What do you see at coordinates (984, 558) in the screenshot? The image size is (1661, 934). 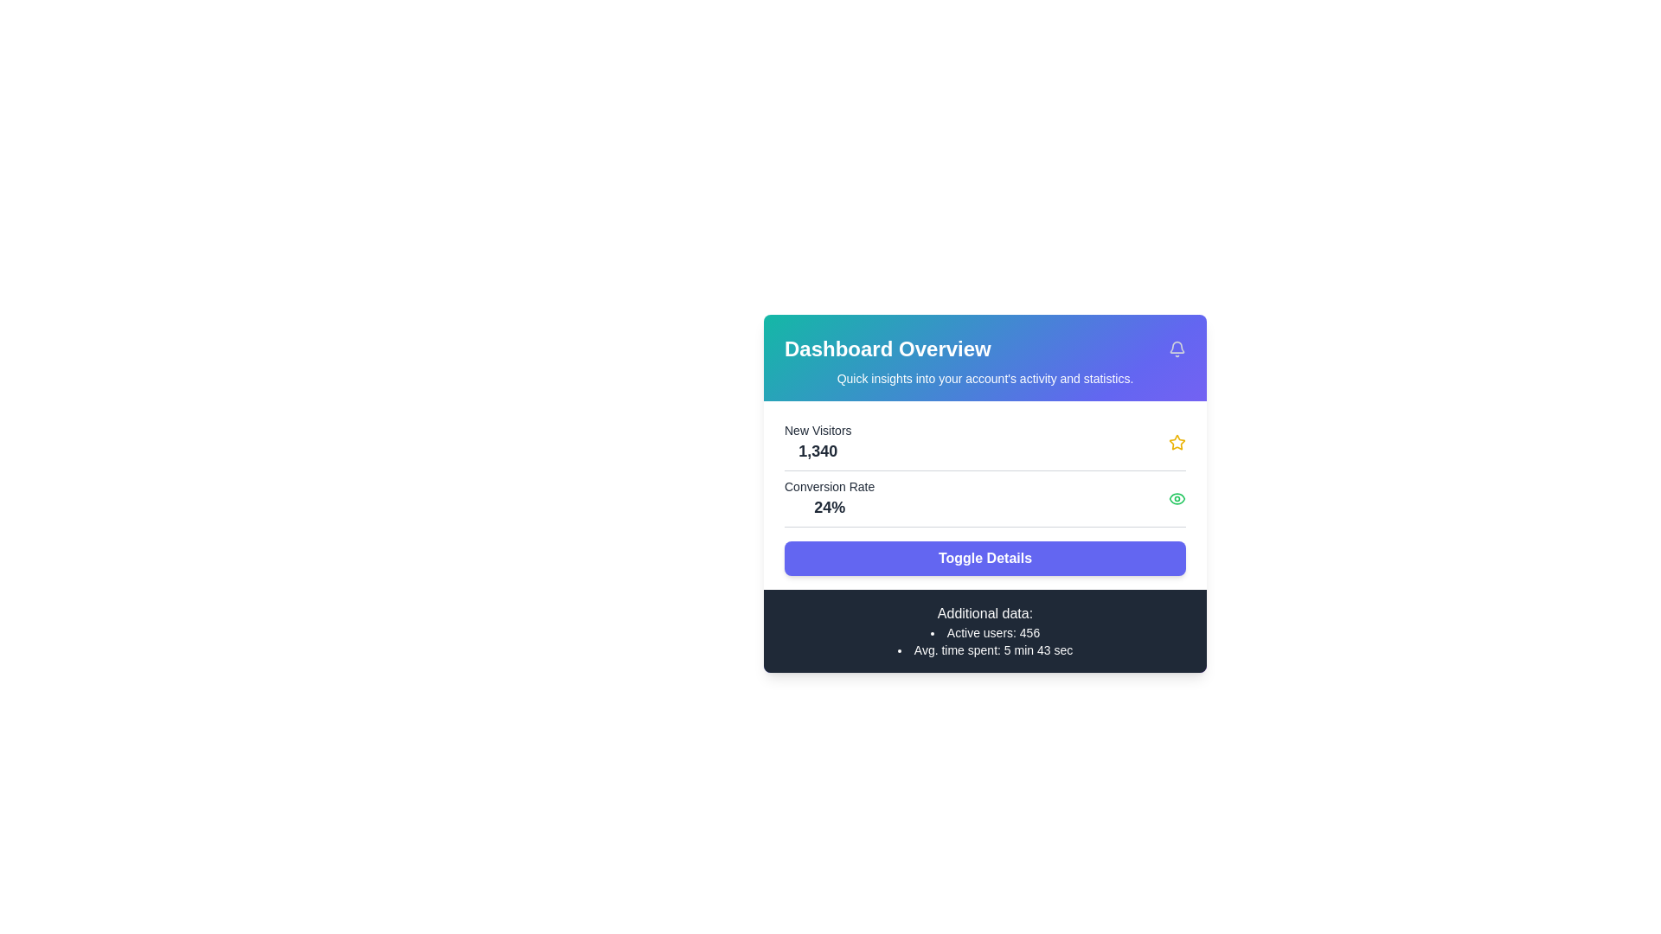 I see `the rectangular button with a purple background and white text labeled 'Toggle Details'` at bounding box center [984, 558].